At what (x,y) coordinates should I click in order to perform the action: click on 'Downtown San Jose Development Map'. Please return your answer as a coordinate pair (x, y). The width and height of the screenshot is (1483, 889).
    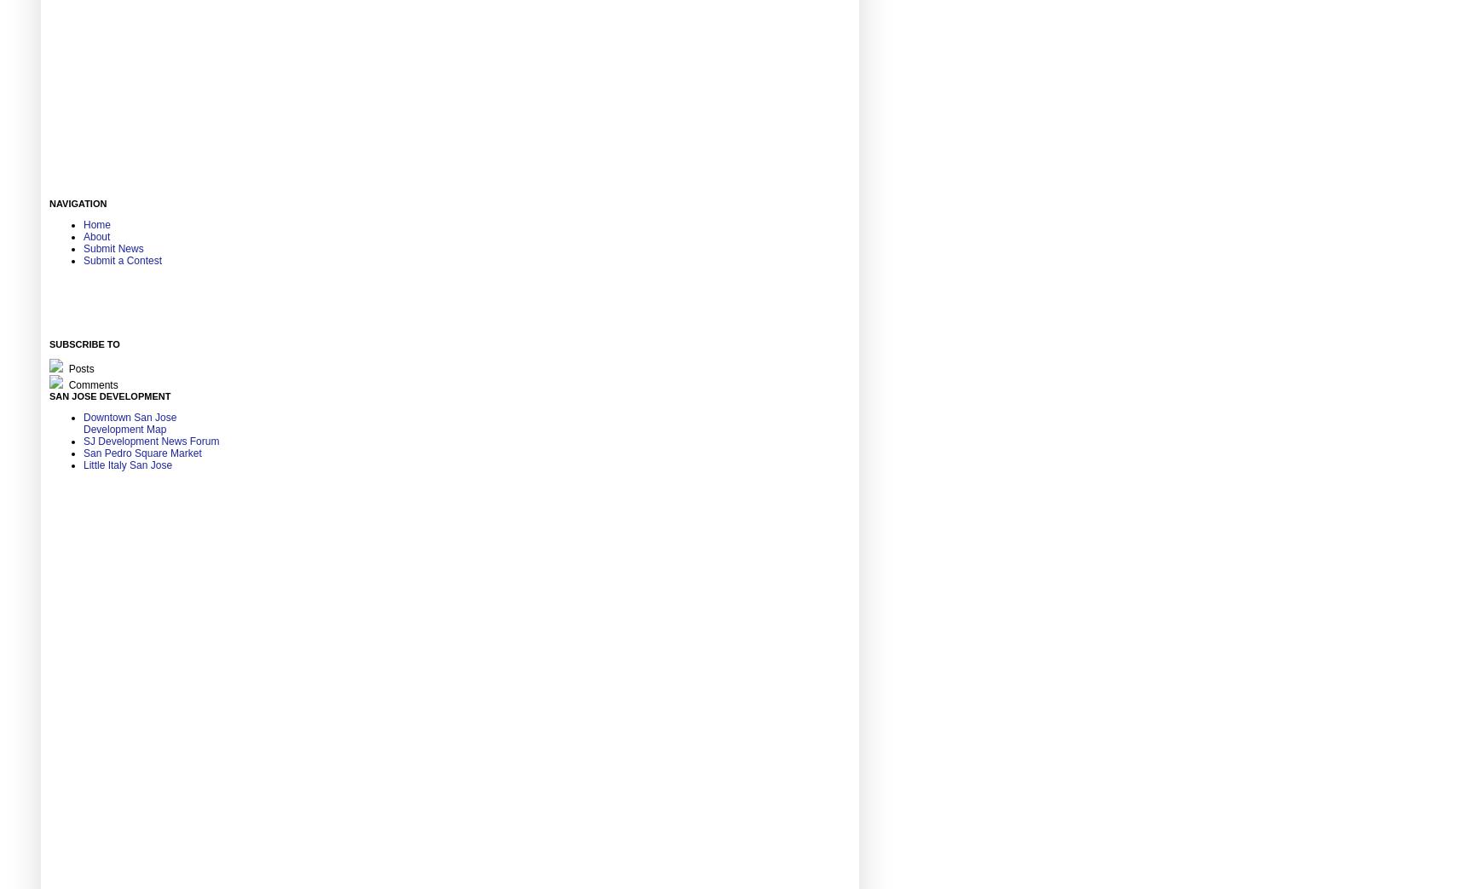
    Looking at the image, I should click on (82, 422).